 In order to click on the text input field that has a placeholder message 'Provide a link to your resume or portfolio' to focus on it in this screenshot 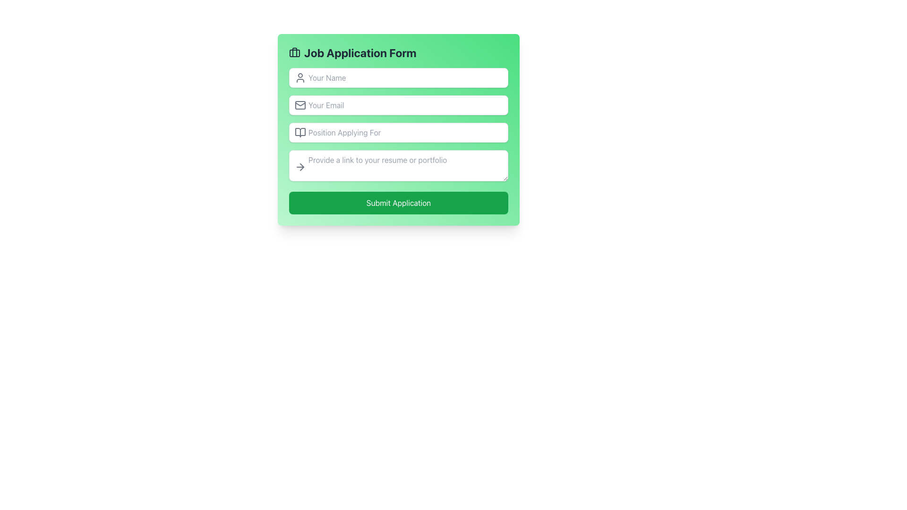, I will do `click(399, 167)`.